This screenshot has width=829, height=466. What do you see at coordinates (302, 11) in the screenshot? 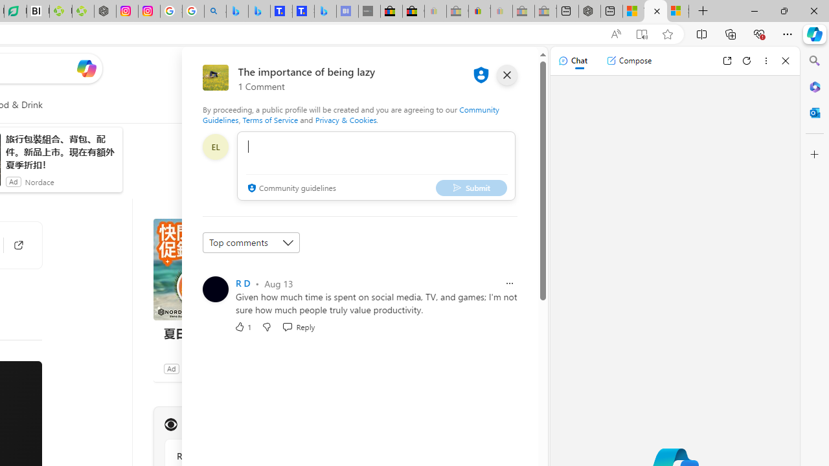
I see `'Shangri-La Bangkok, Hotel reviews and Room rates'` at bounding box center [302, 11].